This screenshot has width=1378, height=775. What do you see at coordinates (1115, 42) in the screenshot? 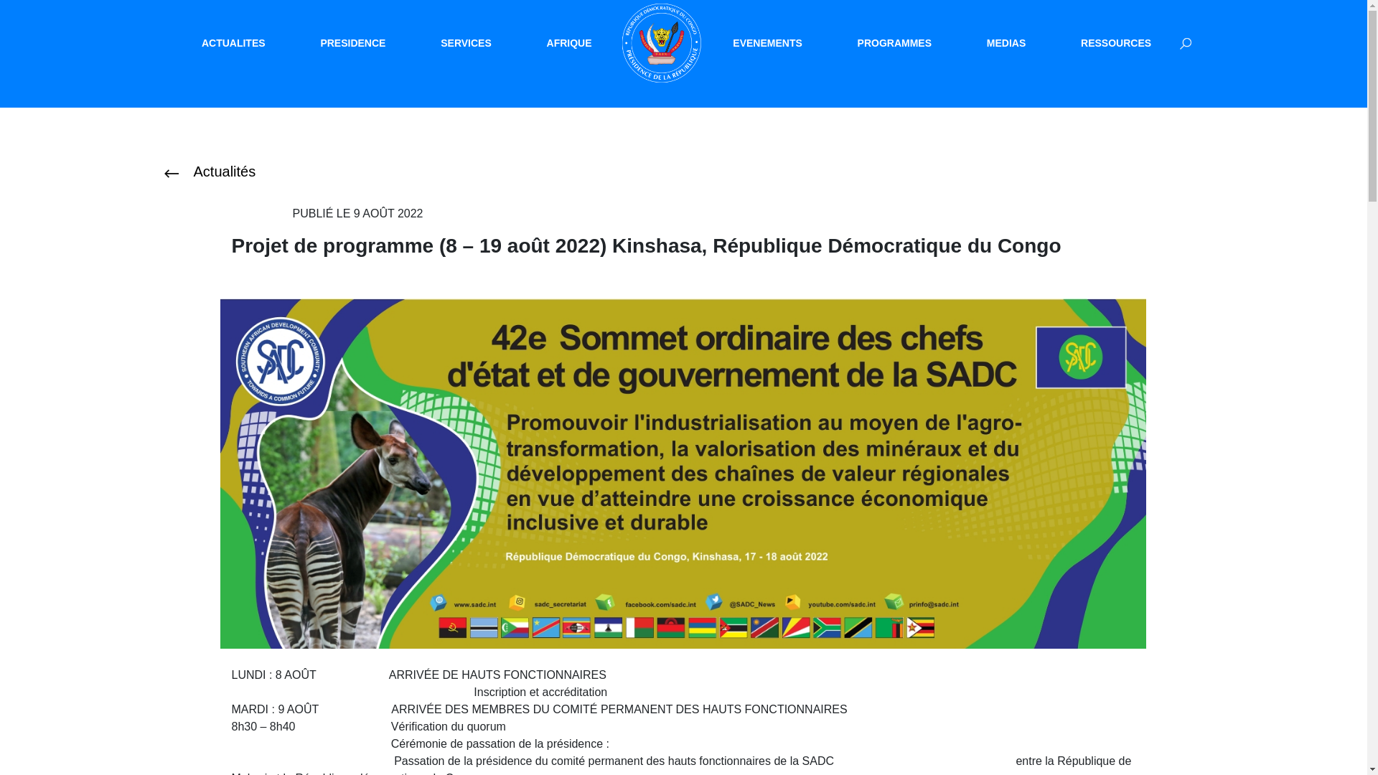
I see `'RESSOURCES'` at bounding box center [1115, 42].